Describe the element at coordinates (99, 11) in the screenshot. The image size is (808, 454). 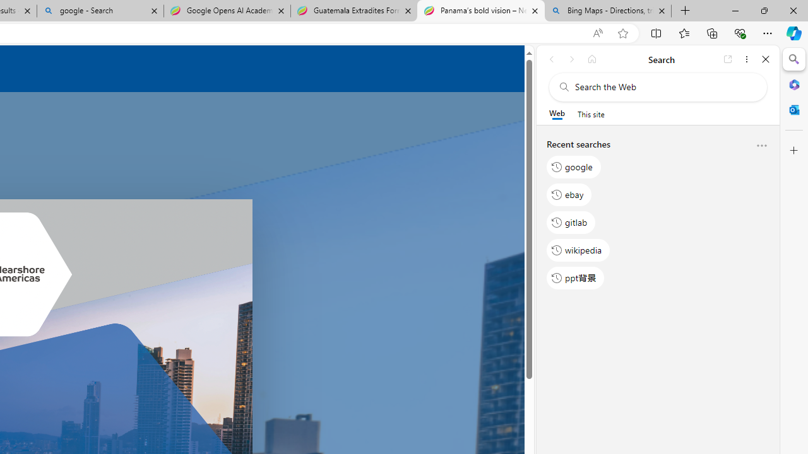
I see `'google - Search'` at that location.